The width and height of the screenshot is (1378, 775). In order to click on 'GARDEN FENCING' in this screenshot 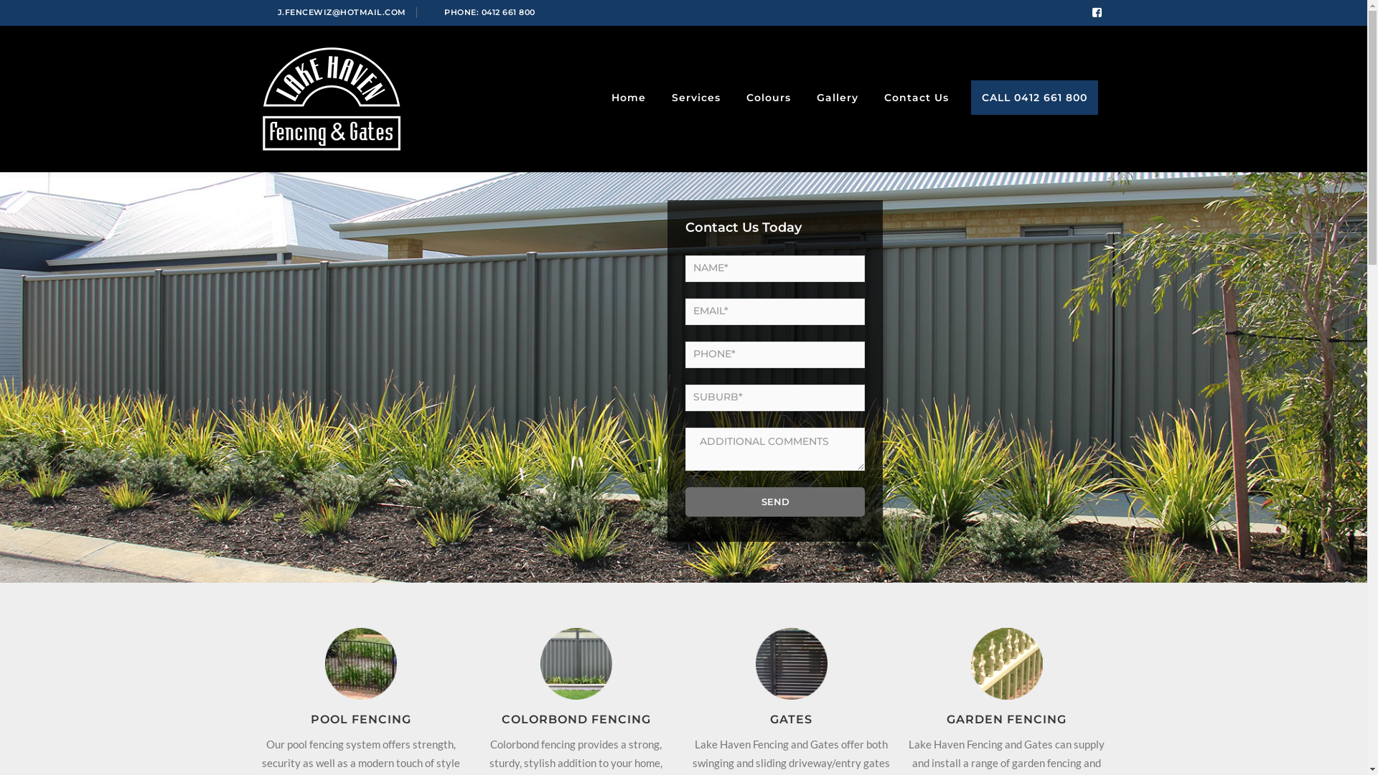, I will do `click(947, 719)`.